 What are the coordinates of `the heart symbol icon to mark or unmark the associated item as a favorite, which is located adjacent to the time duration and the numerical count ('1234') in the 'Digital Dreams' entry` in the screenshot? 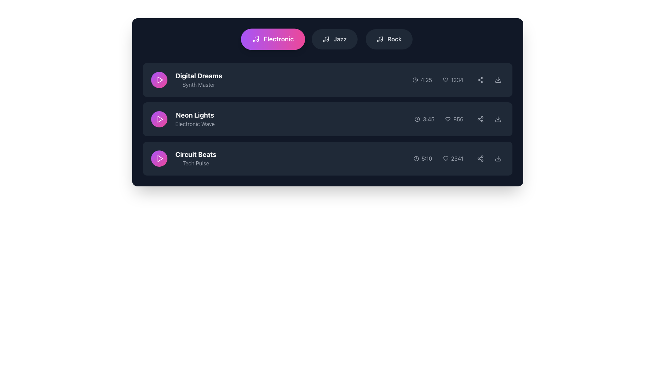 It's located at (446, 79).